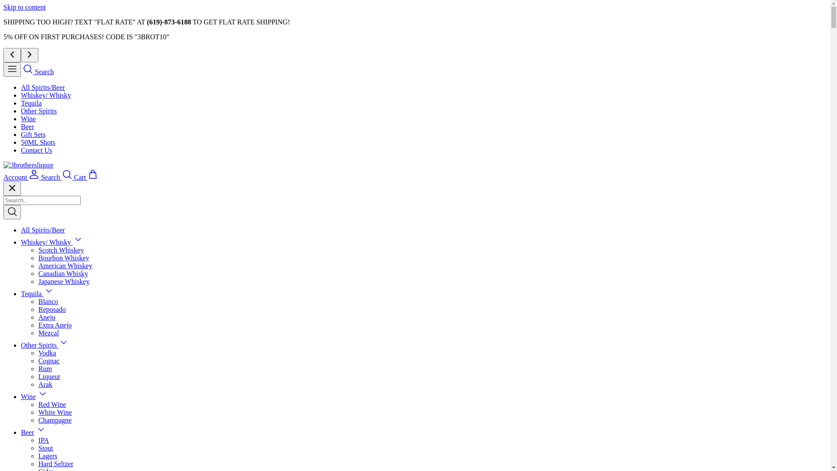  I want to click on '50ML Shots', so click(37, 142).